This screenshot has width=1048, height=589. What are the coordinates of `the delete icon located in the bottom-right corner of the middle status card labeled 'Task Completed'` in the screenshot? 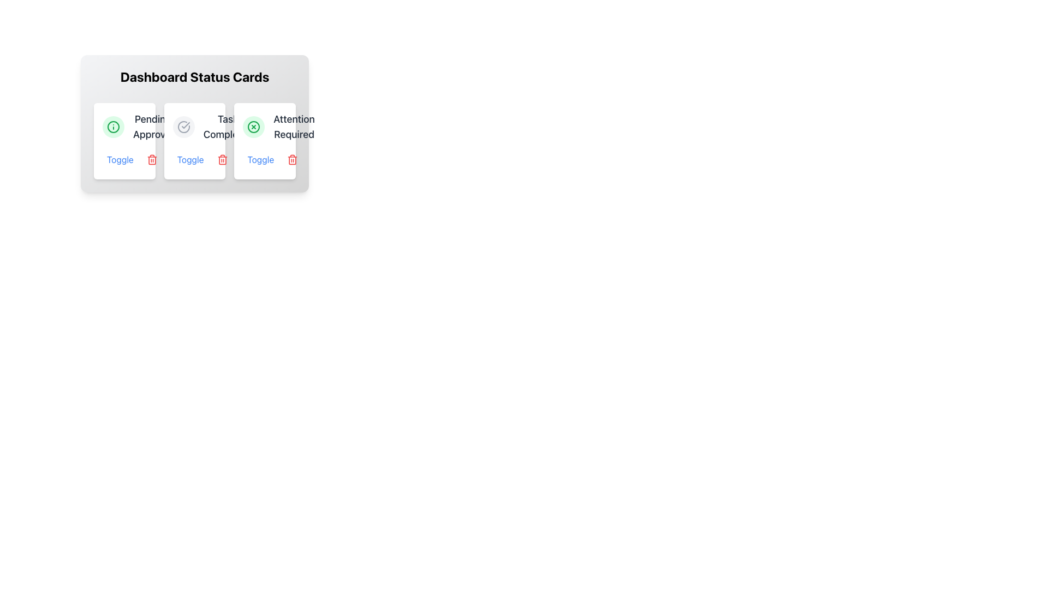 It's located at (151, 160).